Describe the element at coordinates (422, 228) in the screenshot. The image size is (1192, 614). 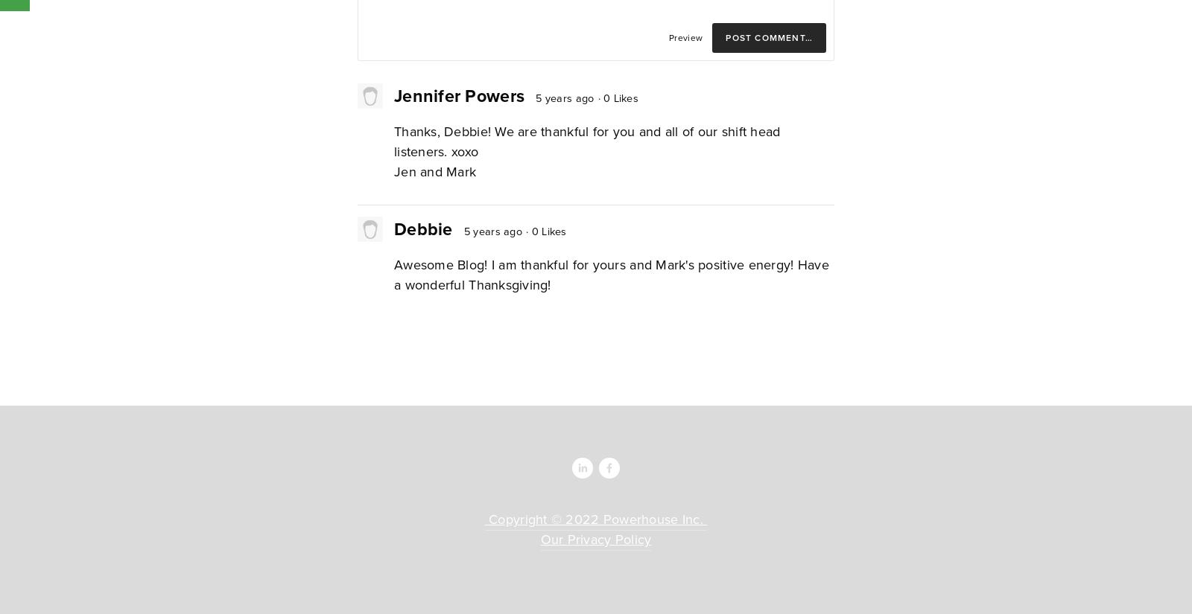
I see `'Debbie'` at that location.